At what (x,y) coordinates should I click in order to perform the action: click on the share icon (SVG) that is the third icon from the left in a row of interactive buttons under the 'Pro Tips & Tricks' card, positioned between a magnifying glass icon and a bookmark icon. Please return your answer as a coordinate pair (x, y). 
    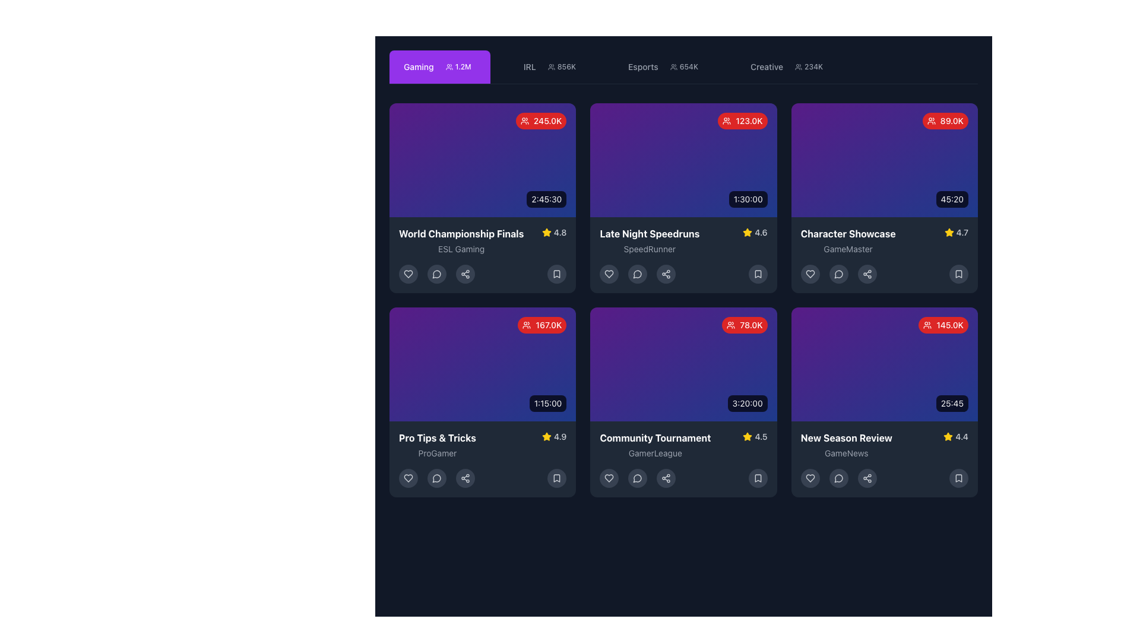
    Looking at the image, I should click on (464, 478).